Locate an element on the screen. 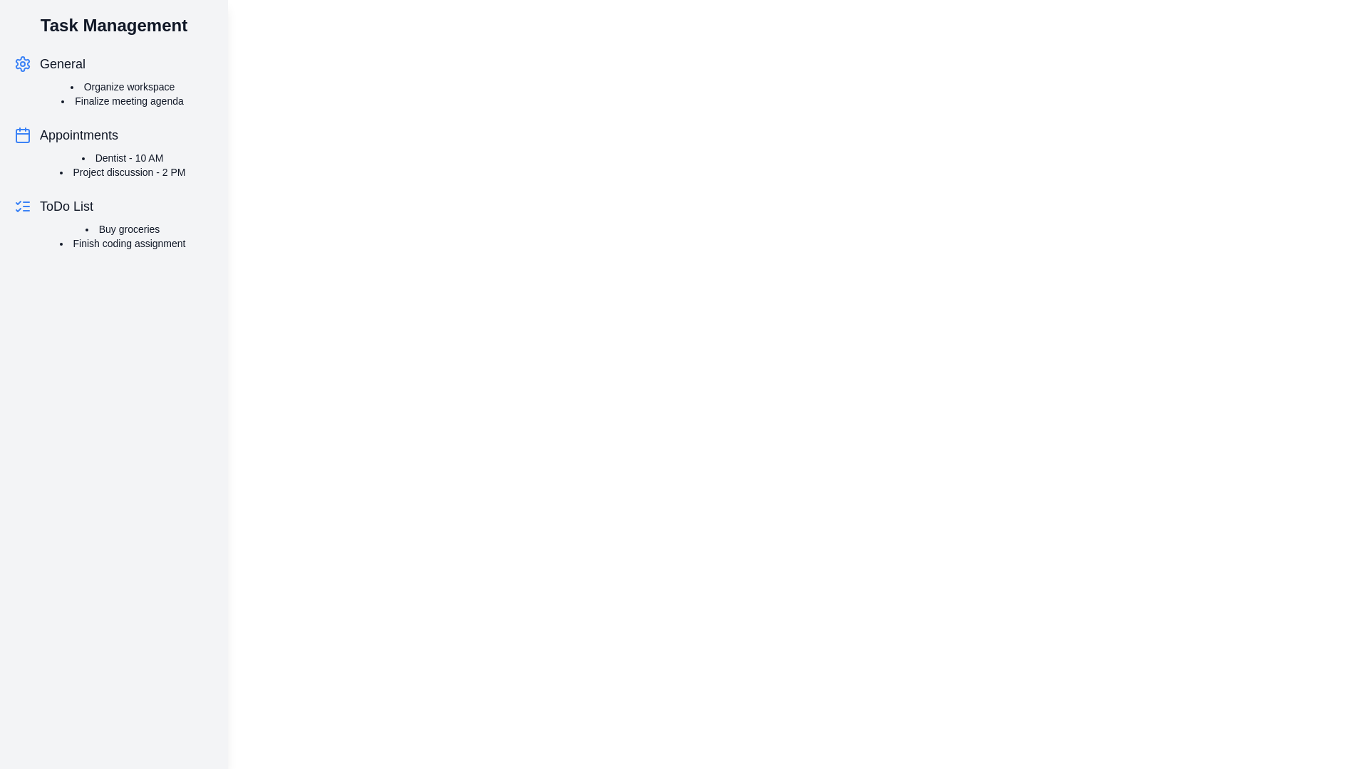 This screenshot has height=769, width=1368. the task text Finalize meeting agenda to open the task is located at coordinates (123, 100).